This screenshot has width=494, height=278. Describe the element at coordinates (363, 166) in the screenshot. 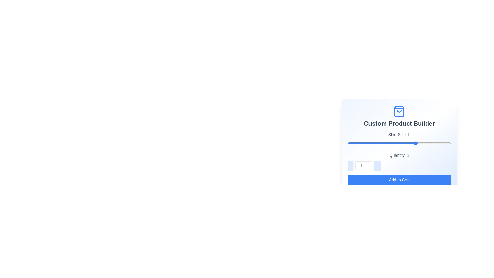

I see `the Numeric input box with a light gray border and rounded corners that has a centered number '1' to focus on it` at that location.